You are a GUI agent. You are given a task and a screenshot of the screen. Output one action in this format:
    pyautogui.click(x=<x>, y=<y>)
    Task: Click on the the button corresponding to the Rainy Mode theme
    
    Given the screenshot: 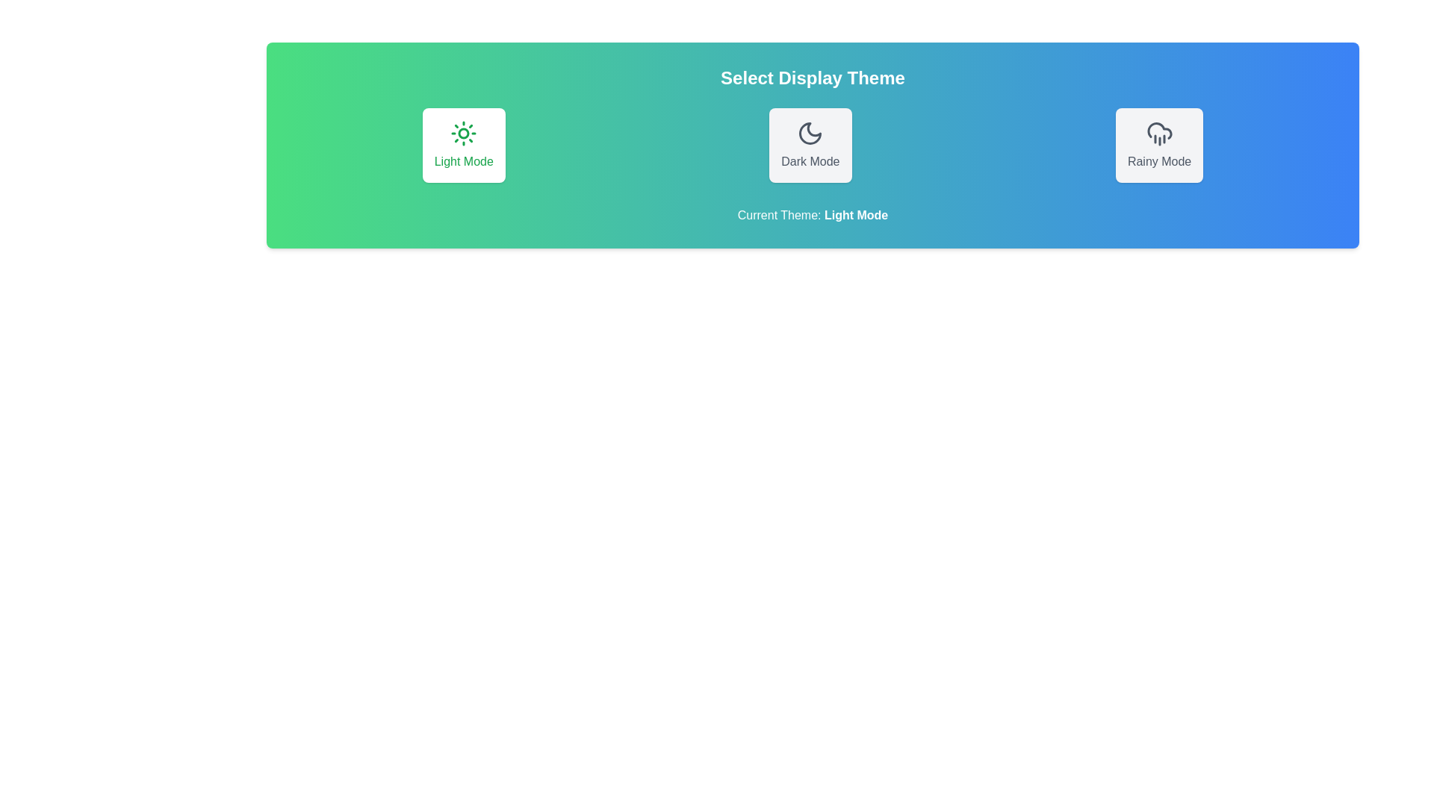 What is the action you would take?
    pyautogui.click(x=1159, y=146)
    